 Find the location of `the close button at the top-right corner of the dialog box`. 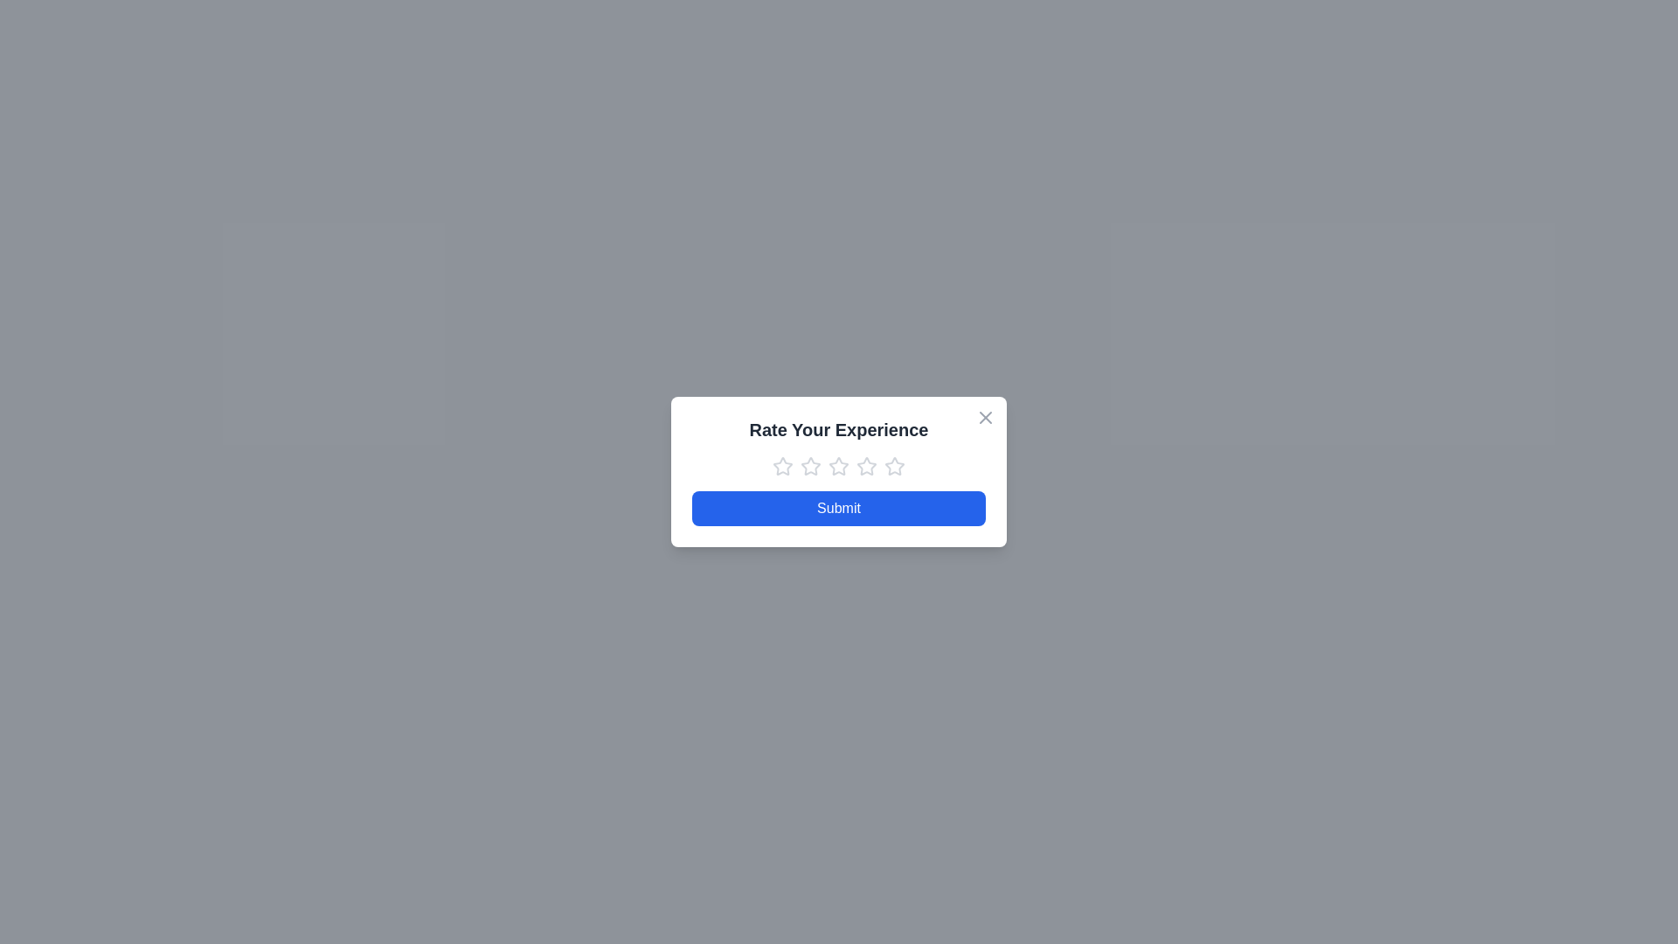

the close button at the top-right corner of the dialog box is located at coordinates (986, 418).